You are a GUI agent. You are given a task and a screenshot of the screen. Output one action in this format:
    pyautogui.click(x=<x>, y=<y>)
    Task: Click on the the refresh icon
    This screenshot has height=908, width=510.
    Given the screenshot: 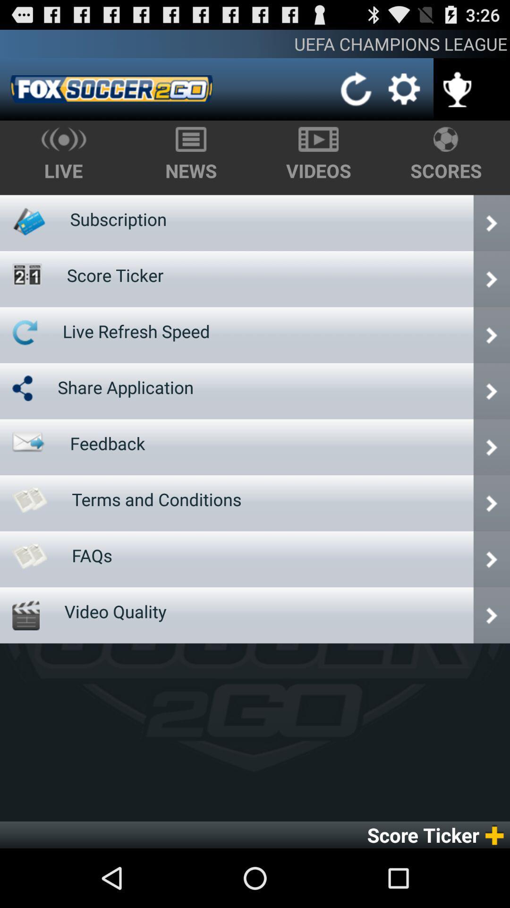 What is the action you would take?
    pyautogui.click(x=357, y=96)
    